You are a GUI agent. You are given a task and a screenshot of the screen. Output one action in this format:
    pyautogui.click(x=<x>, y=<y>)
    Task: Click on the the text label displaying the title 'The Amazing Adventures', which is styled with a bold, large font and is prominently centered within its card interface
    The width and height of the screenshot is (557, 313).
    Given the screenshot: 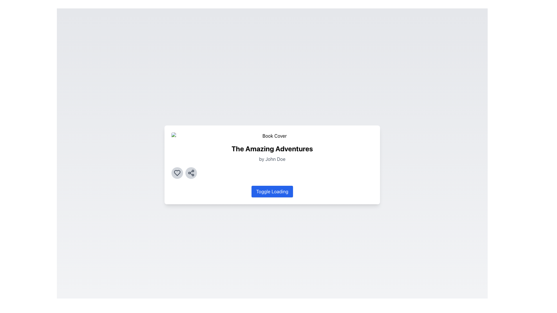 What is the action you would take?
    pyautogui.click(x=272, y=148)
    